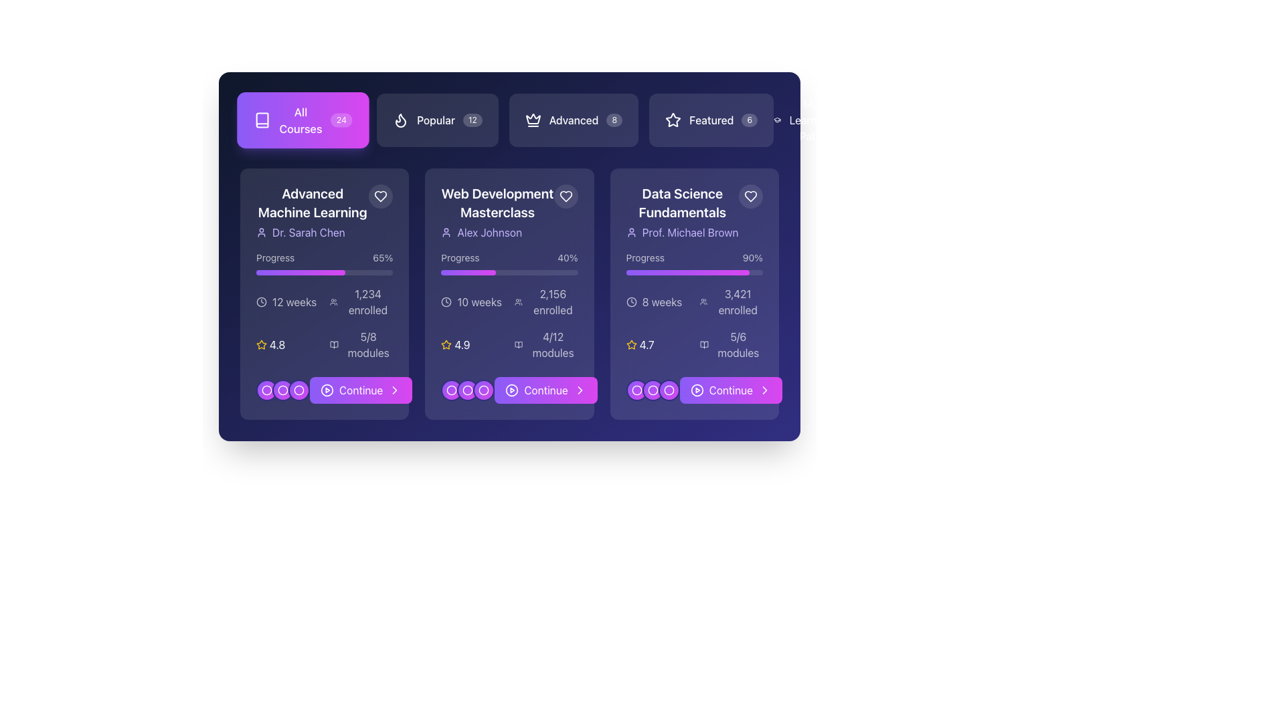 This screenshot has width=1285, height=722. I want to click on the second button in a horizontal row of four buttons, which is used for filtering or sorting items based on popularity, so click(437, 120).